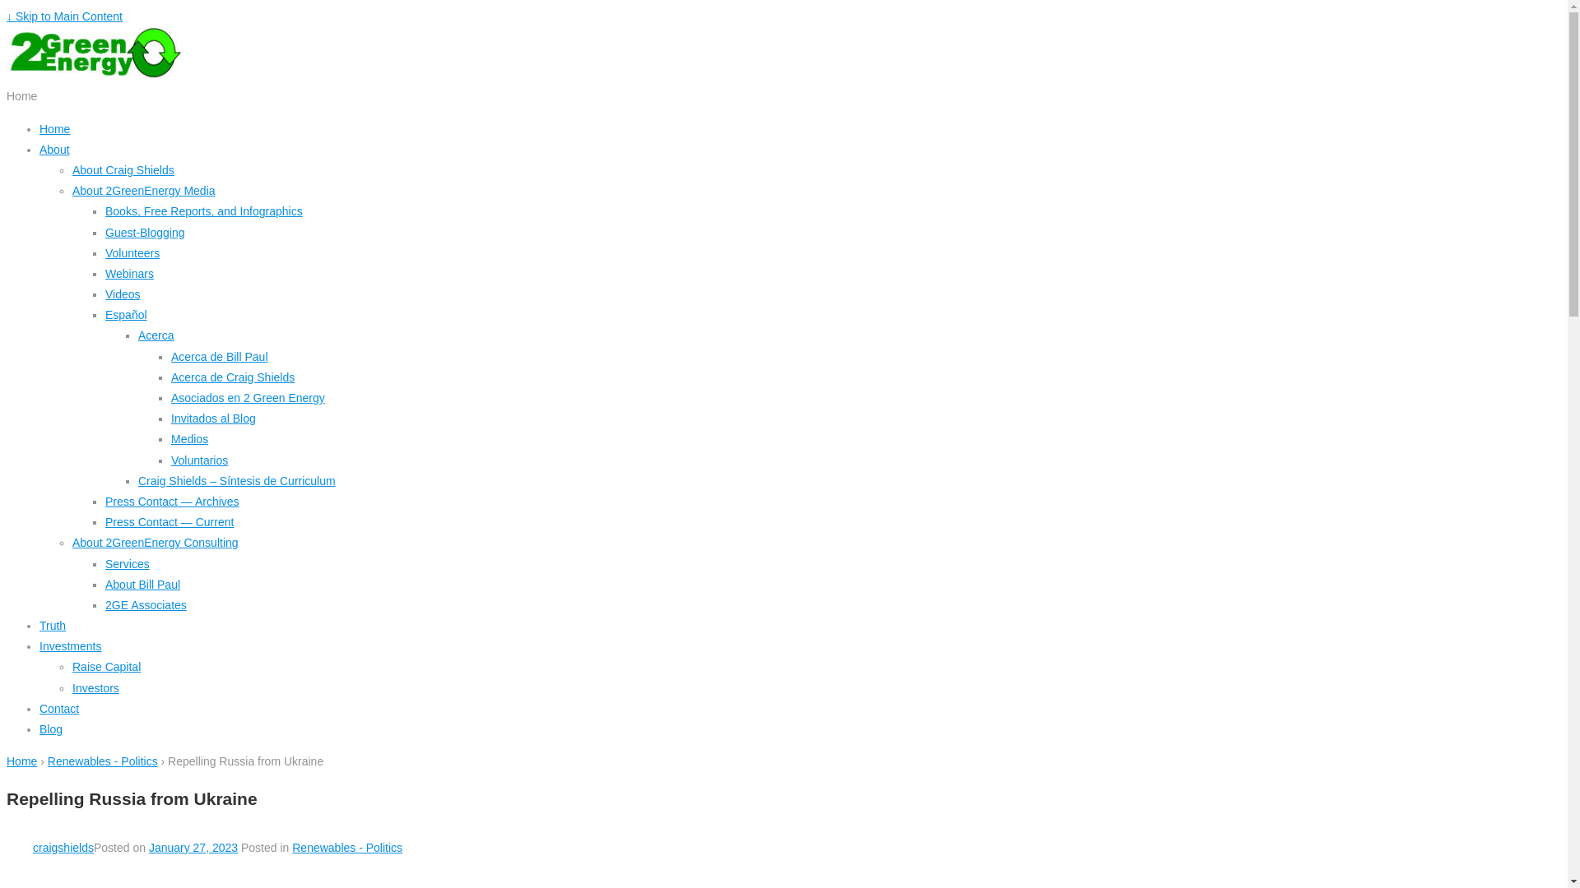 The image size is (1580, 888). Describe the element at coordinates (39, 645) in the screenshot. I see `'Investments'` at that location.